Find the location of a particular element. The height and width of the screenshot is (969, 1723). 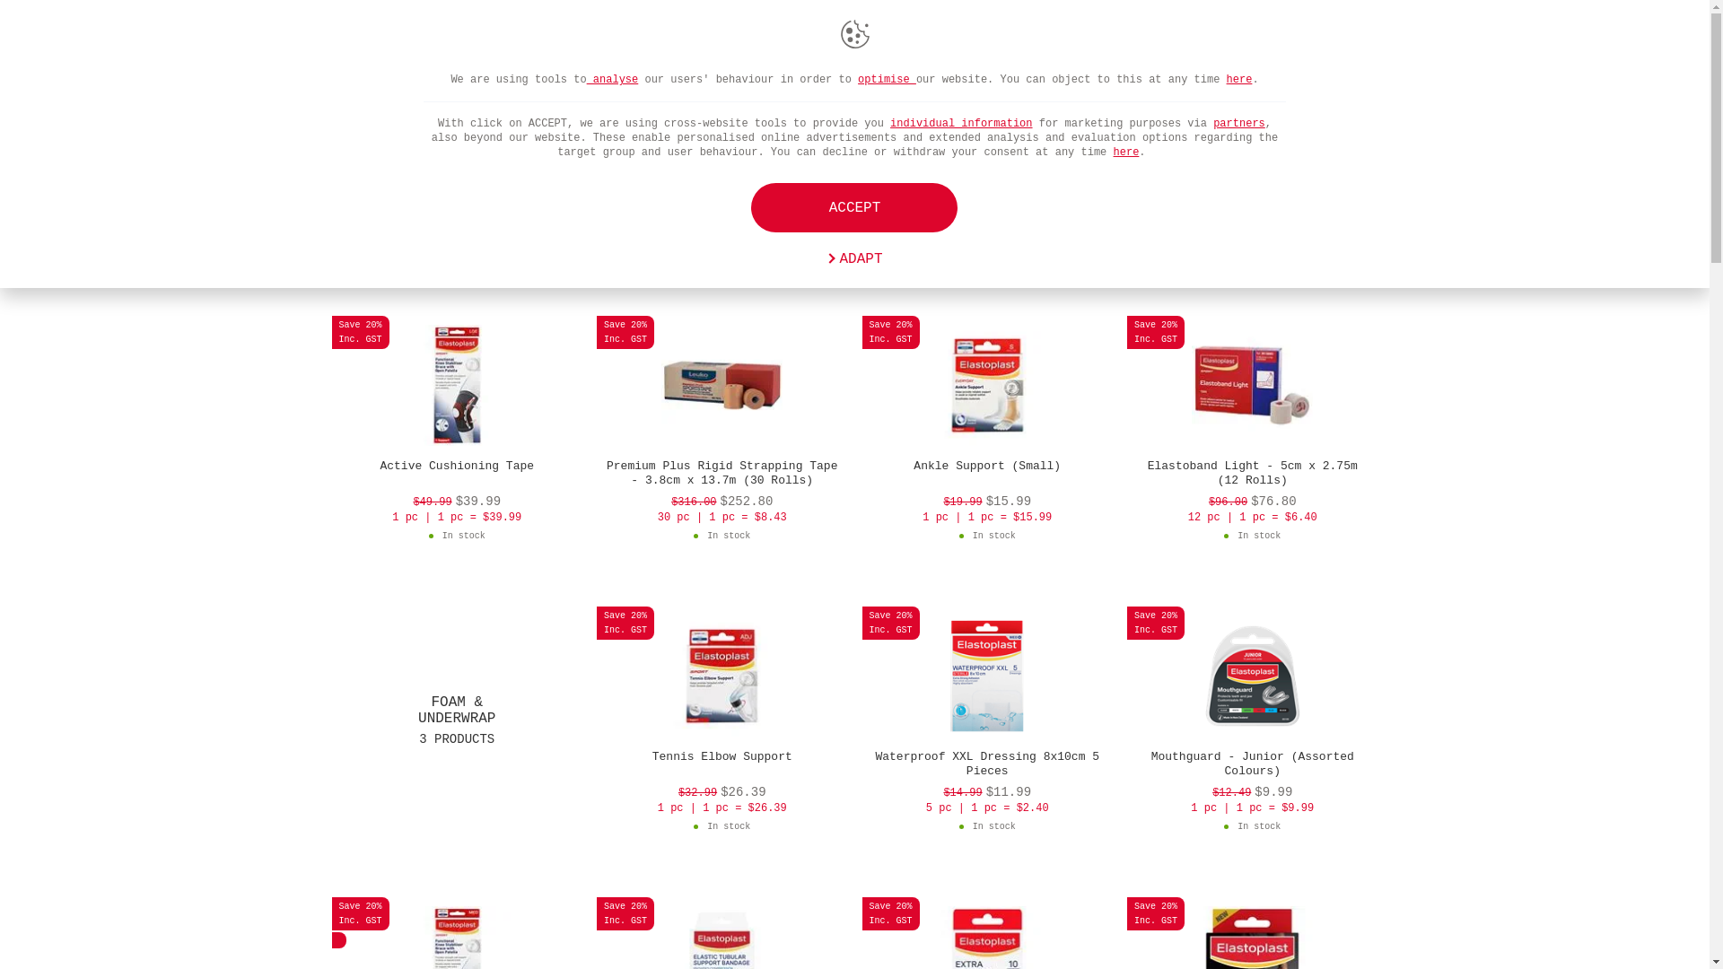

'optimise ' is located at coordinates (856, 78).